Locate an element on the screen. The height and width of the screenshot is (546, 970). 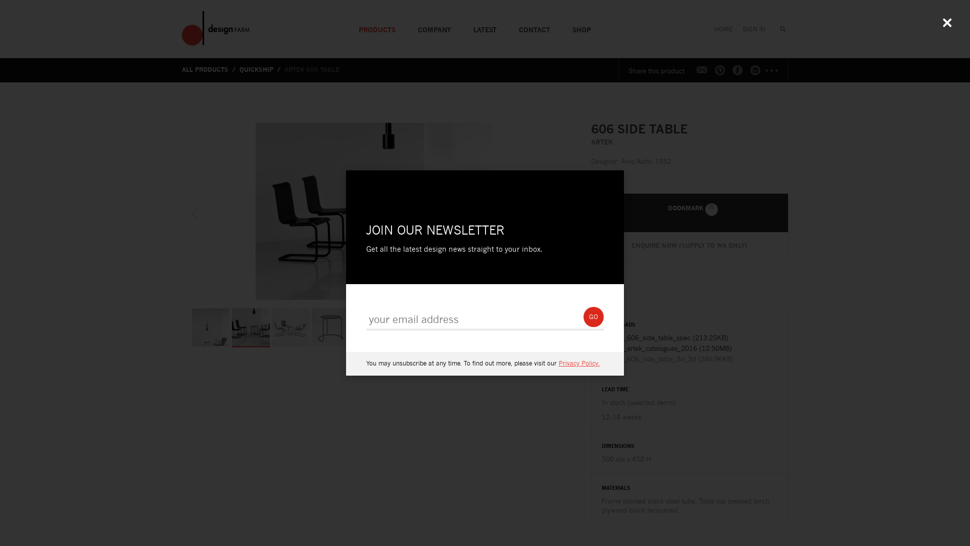
'COMPANY' is located at coordinates (434, 25).